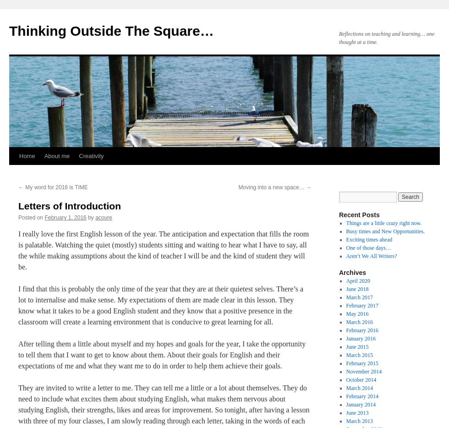 The image size is (449, 428). I want to click on 'Moving into a new space…', so click(272, 187).